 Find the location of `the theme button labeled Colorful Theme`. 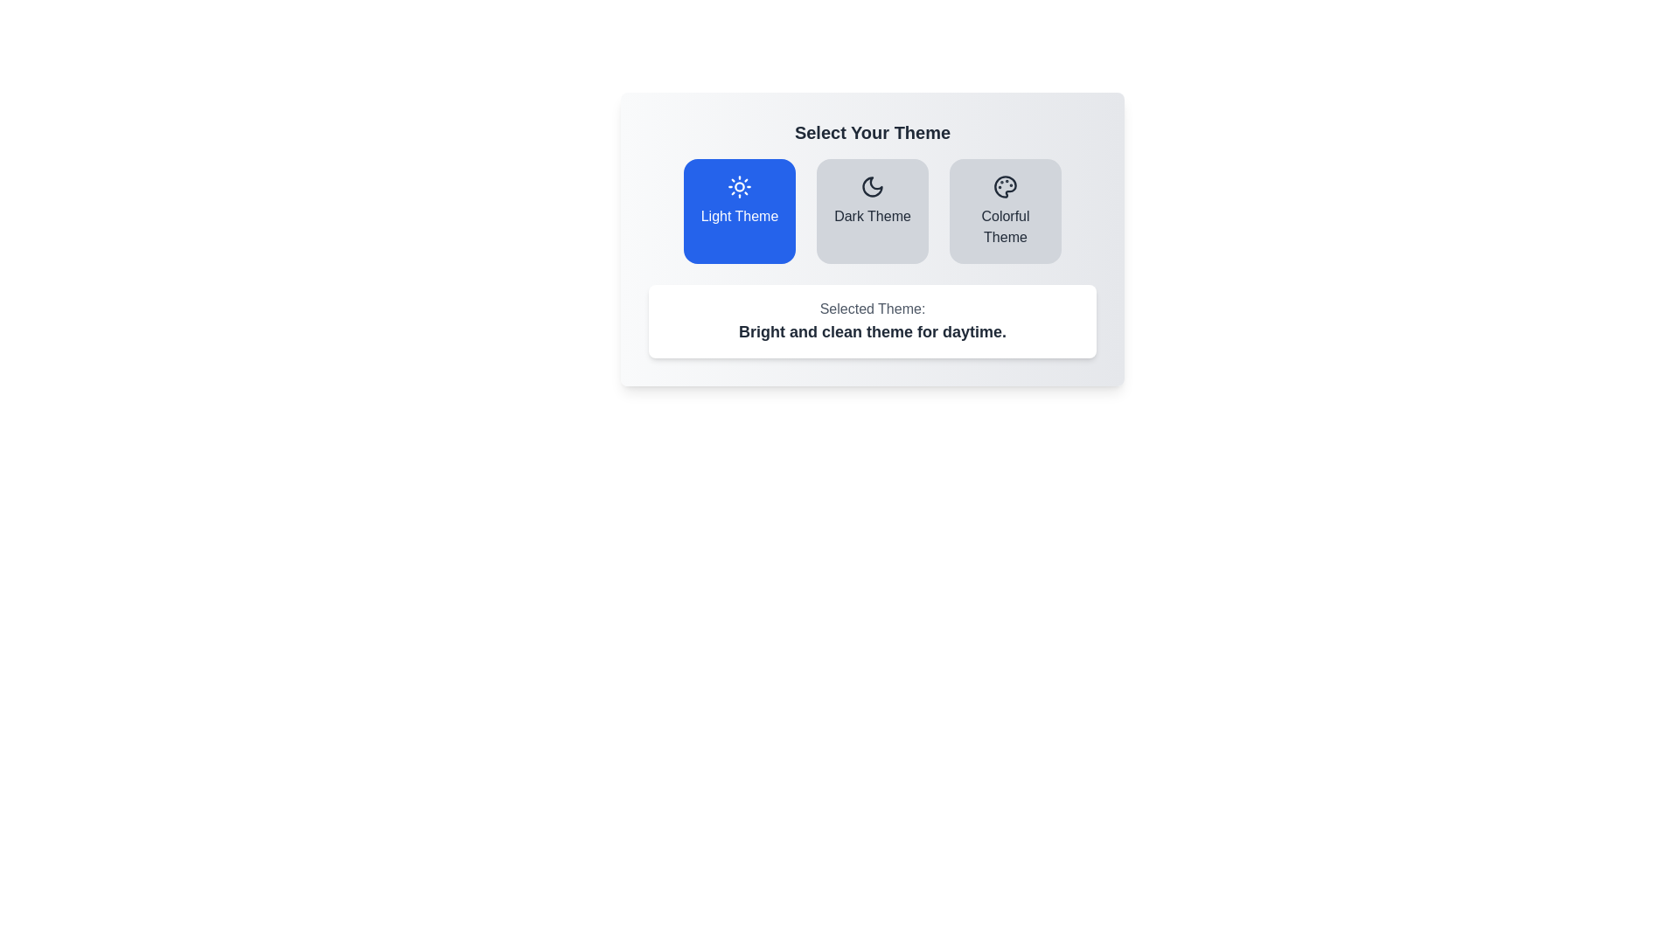

the theme button labeled Colorful Theme is located at coordinates (1006, 211).